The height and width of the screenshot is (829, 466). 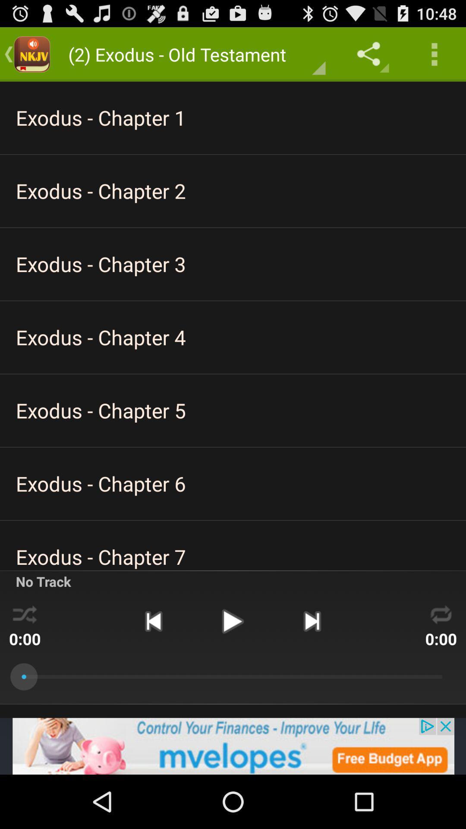 I want to click on the skip_previous icon, so click(x=153, y=664).